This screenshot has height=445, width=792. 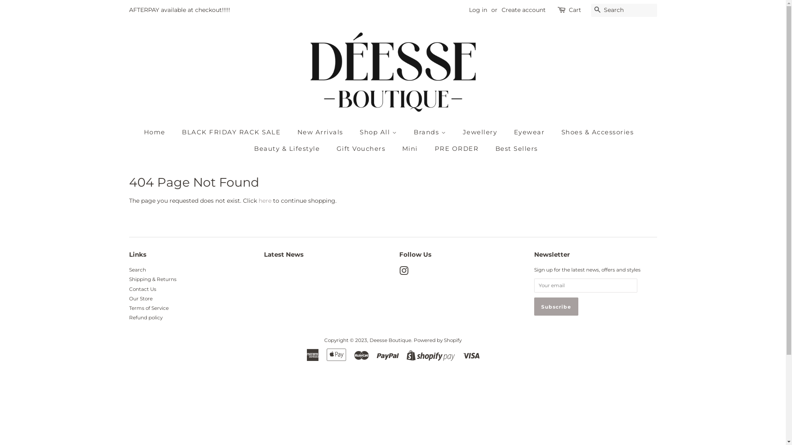 I want to click on 'Shoes & Accessories', so click(x=555, y=131).